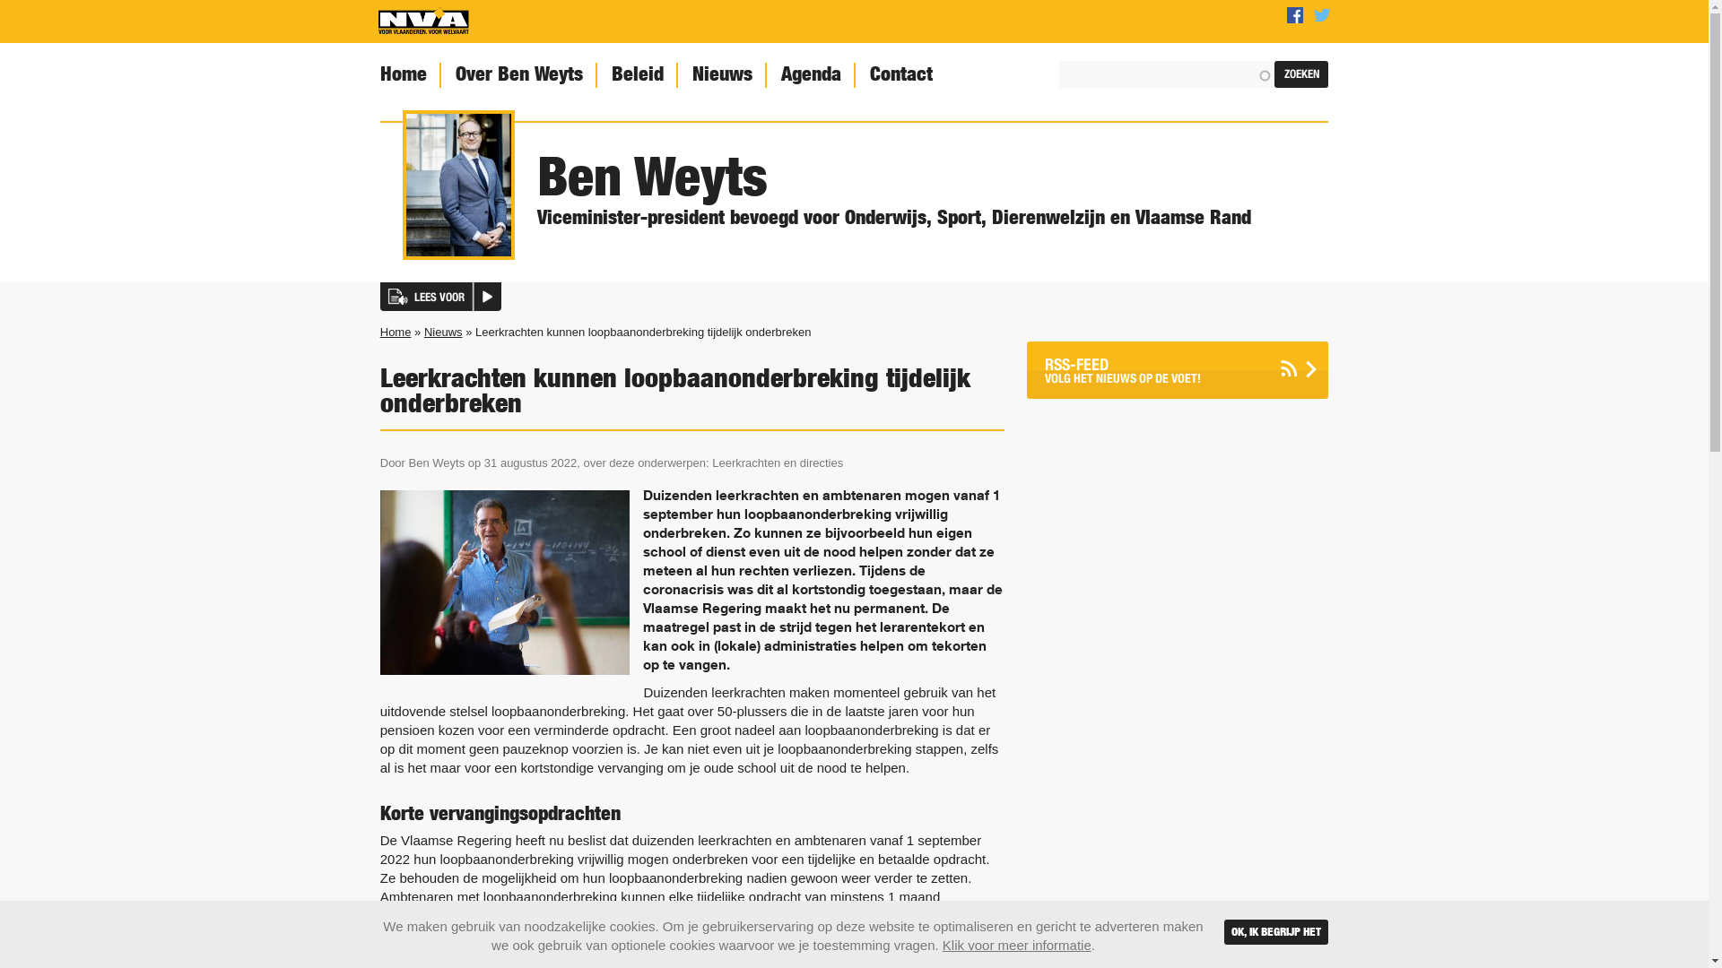  I want to click on '(c) iStock', so click(378, 581).